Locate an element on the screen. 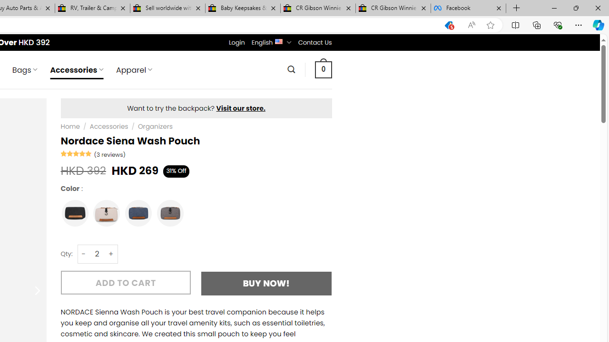 The height and width of the screenshot is (342, 609). ' 0 ' is located at coordinates (323, 69).